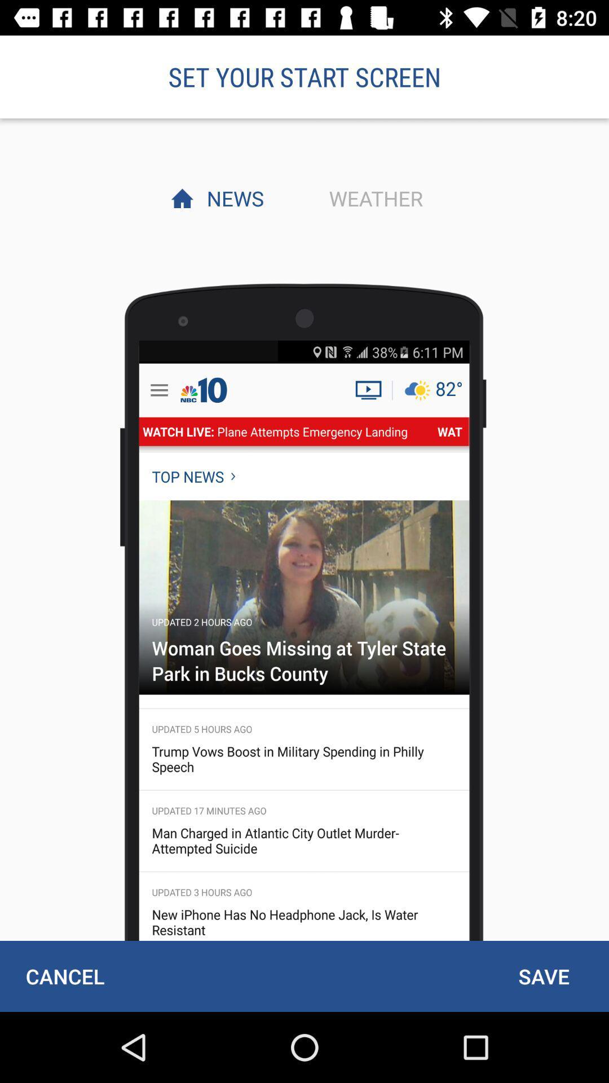 This screenshot has width=609, height=1083. I want to click on the icon below the set your start, so click(232, 198).